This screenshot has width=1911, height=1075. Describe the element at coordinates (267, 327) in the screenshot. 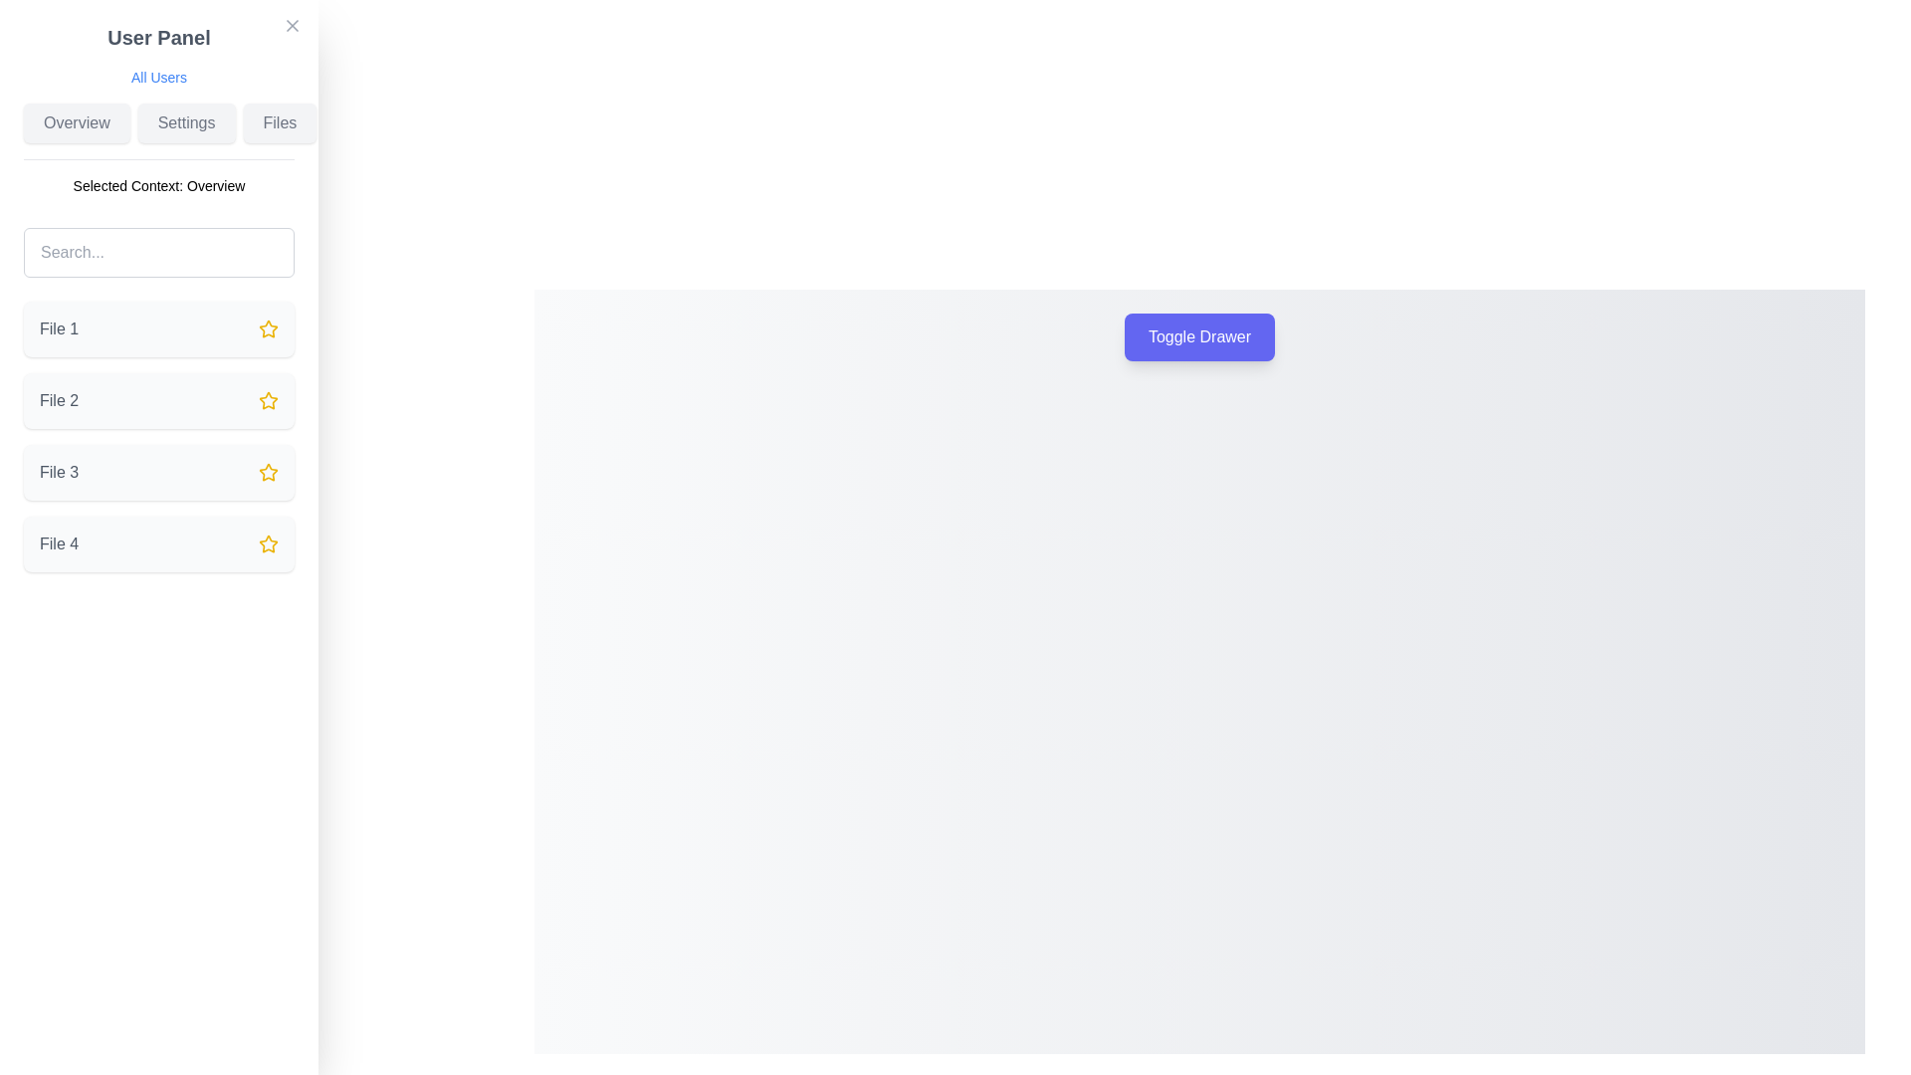

I see `the star icon button marked as favorite next to 'File 1' on the left-hand side of the interface` at that location.